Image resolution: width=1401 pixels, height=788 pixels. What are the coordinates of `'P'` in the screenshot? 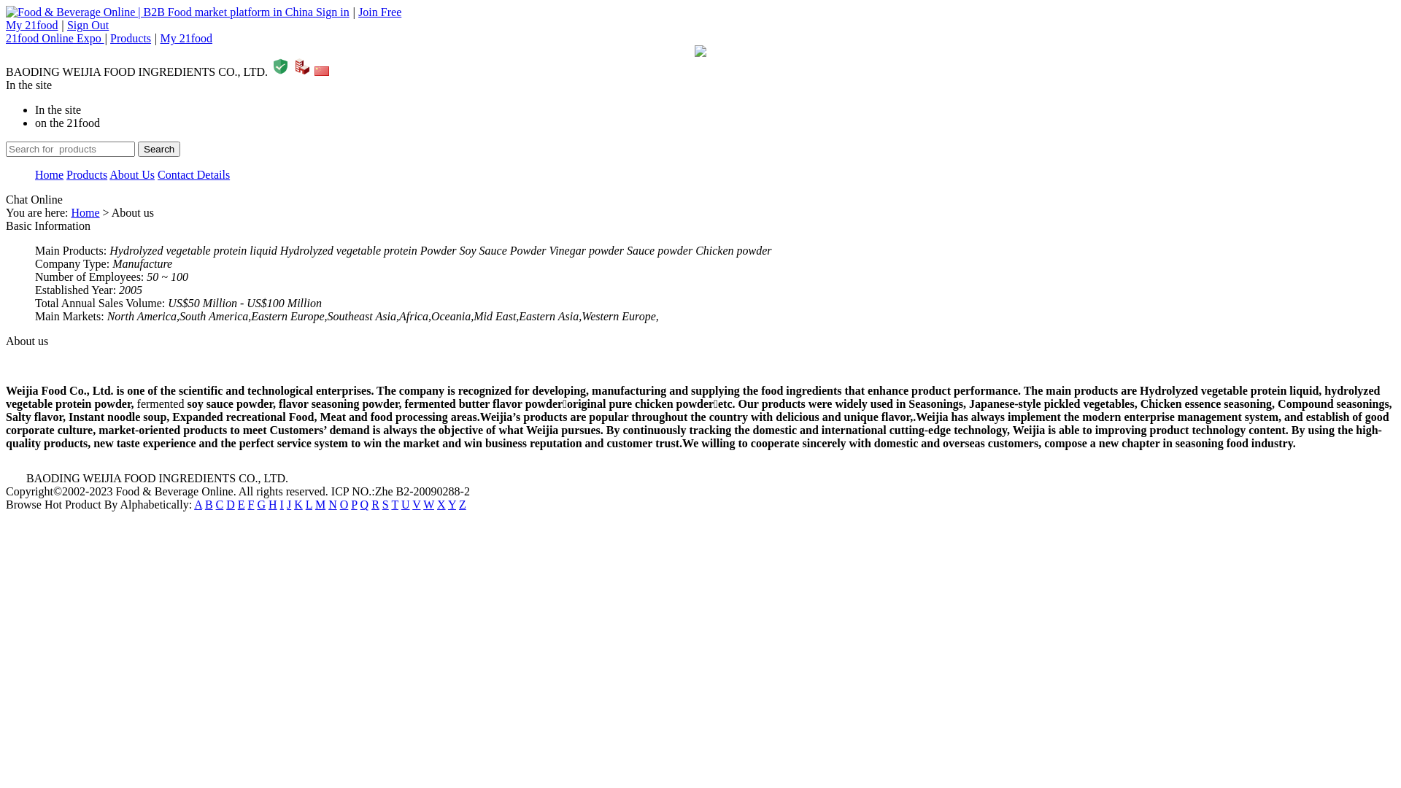 It's located at (350, 503).